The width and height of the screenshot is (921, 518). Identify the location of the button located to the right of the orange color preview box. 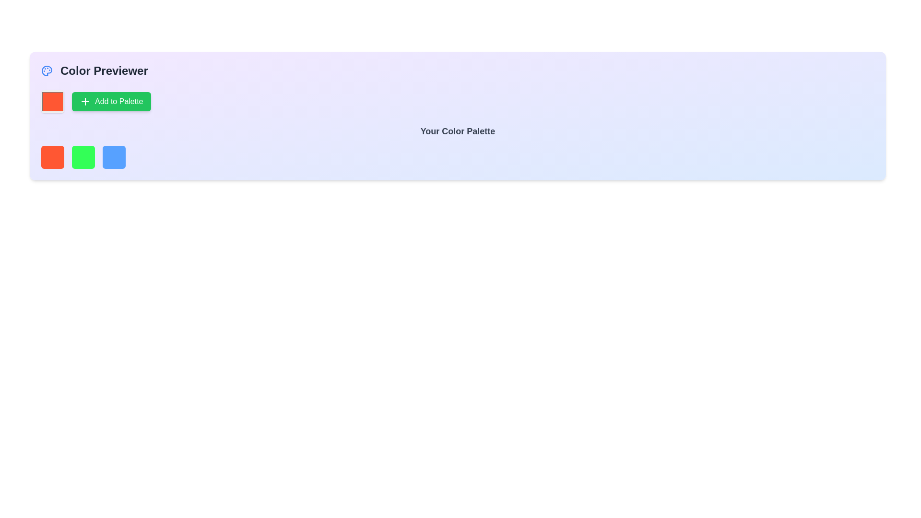
(111, 102).